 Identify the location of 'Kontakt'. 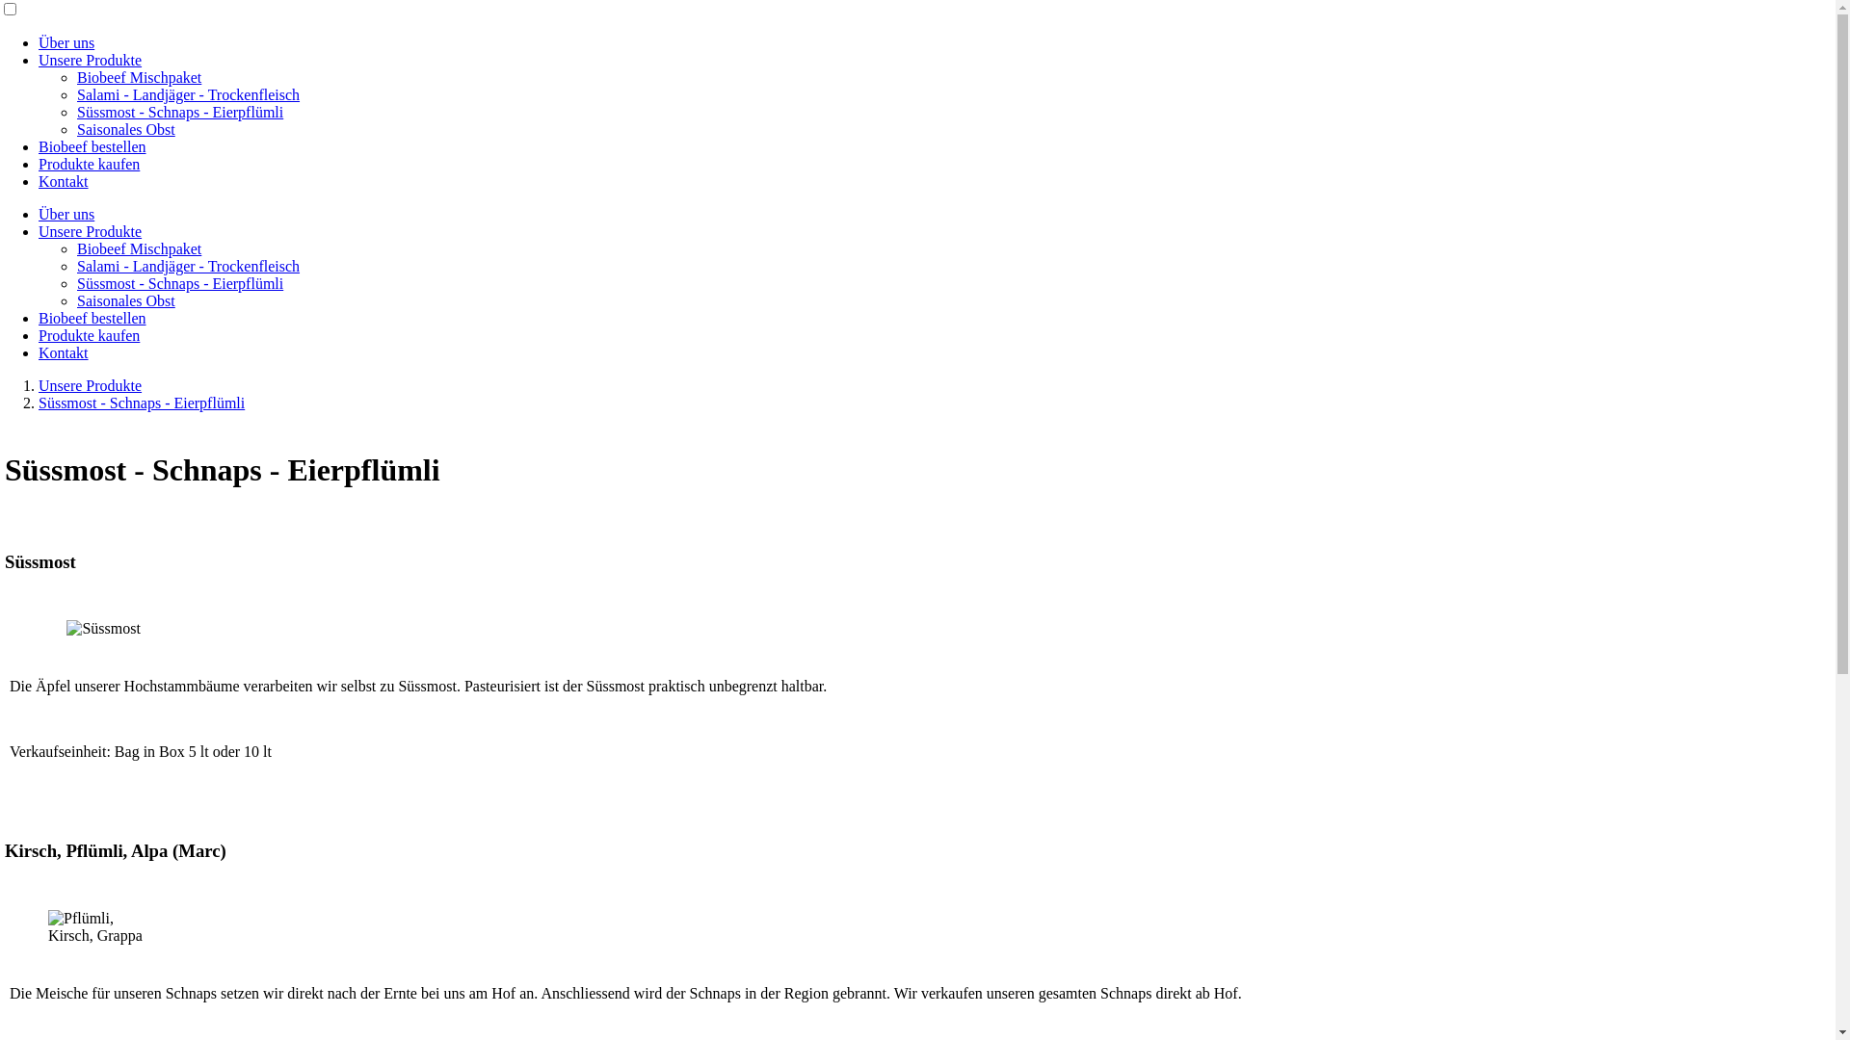
(64, 181).